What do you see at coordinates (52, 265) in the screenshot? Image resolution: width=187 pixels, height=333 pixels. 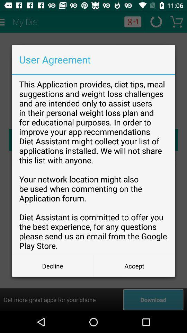 I see `decline` at bounding box center [52, 265].